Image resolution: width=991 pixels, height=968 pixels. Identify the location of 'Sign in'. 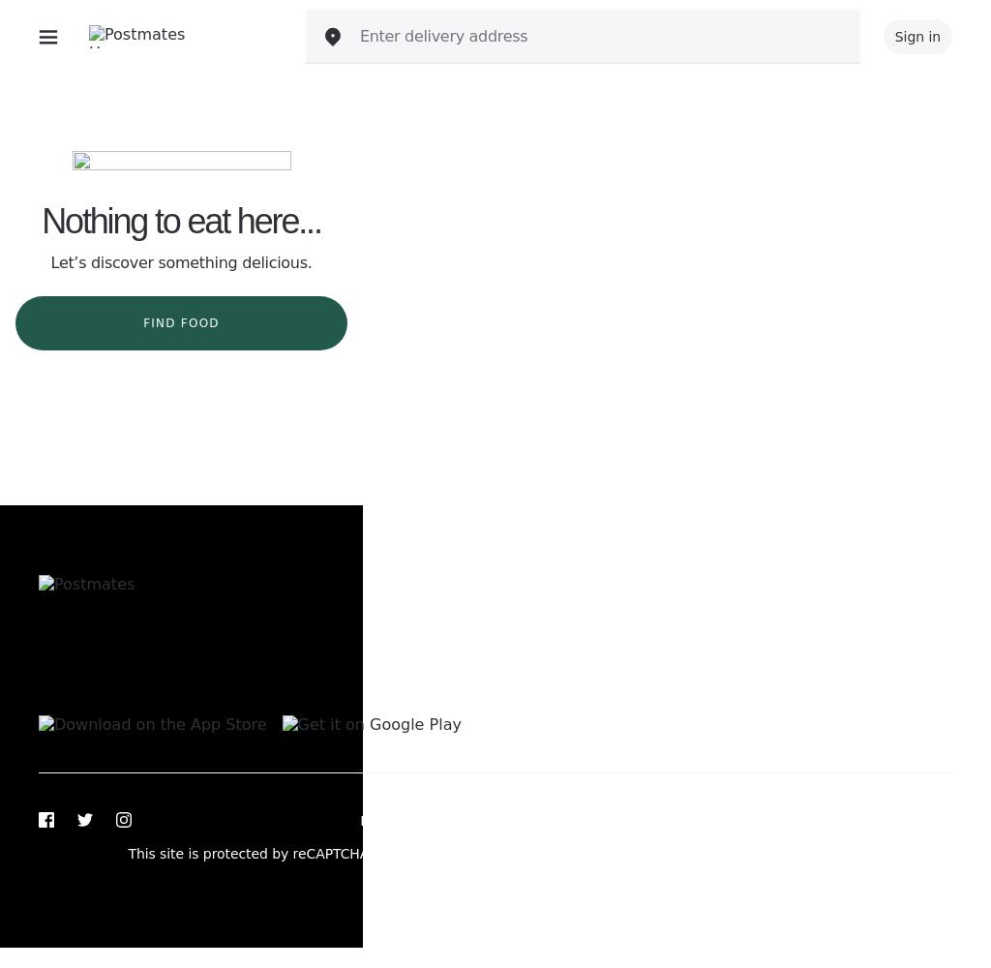
(917, 37).